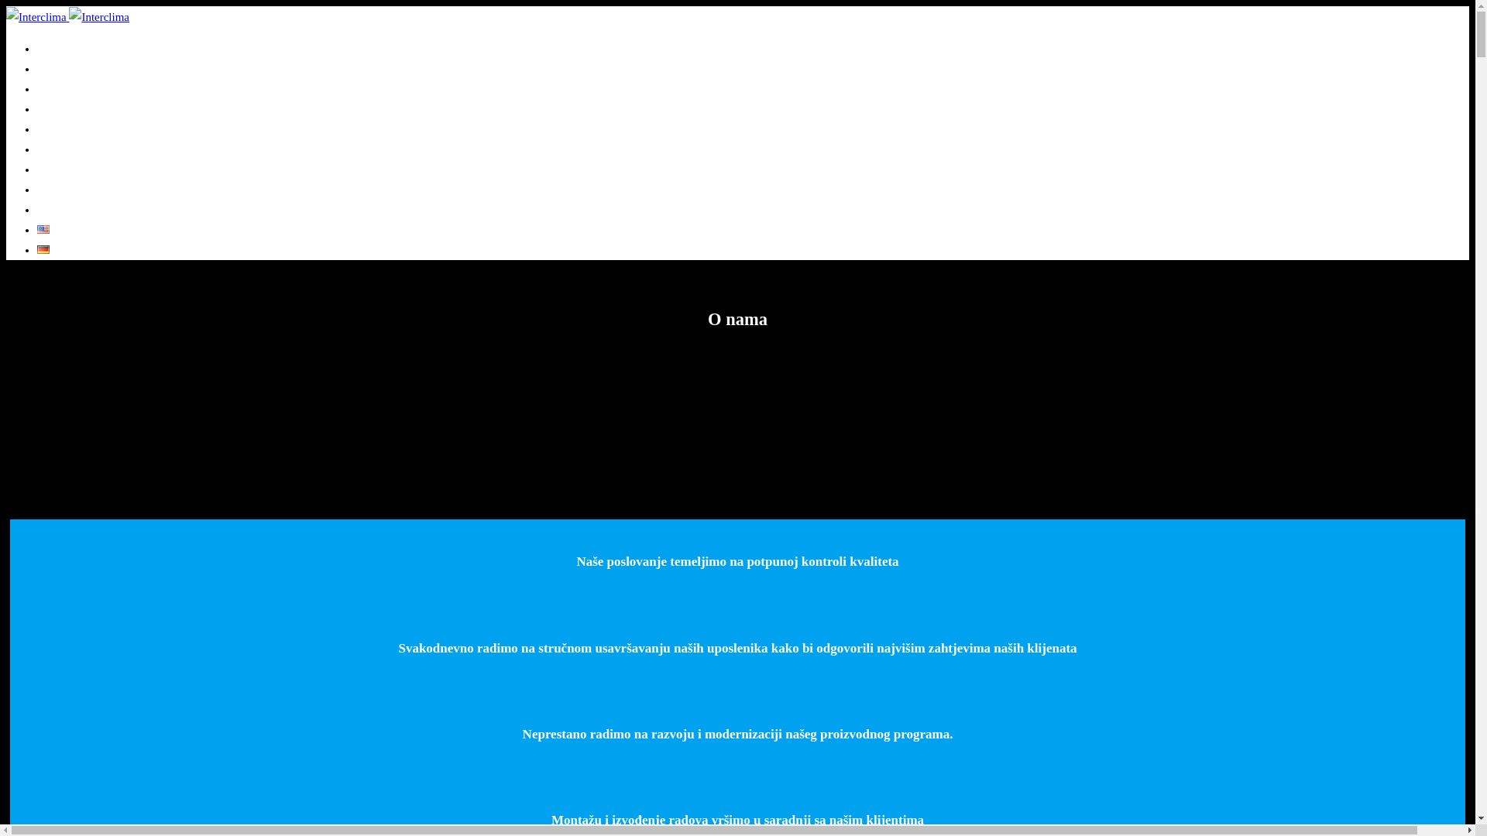  What do you see at coordinates (53, 128) in the screenshot?
I see `'Usluge'` at bounding box center [53, 128].